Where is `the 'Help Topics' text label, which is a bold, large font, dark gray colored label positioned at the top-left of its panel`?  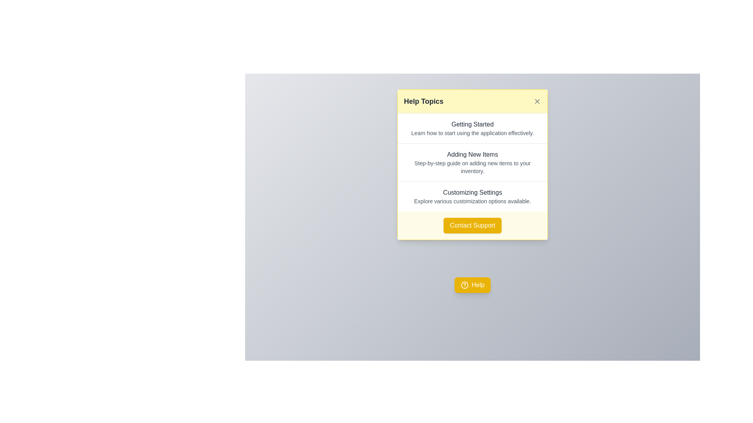 the 'Help Topics' text label, which is a bold, large font, dark gray colored label positioned at the top-left of its panel is located at coordinates (423, 101).